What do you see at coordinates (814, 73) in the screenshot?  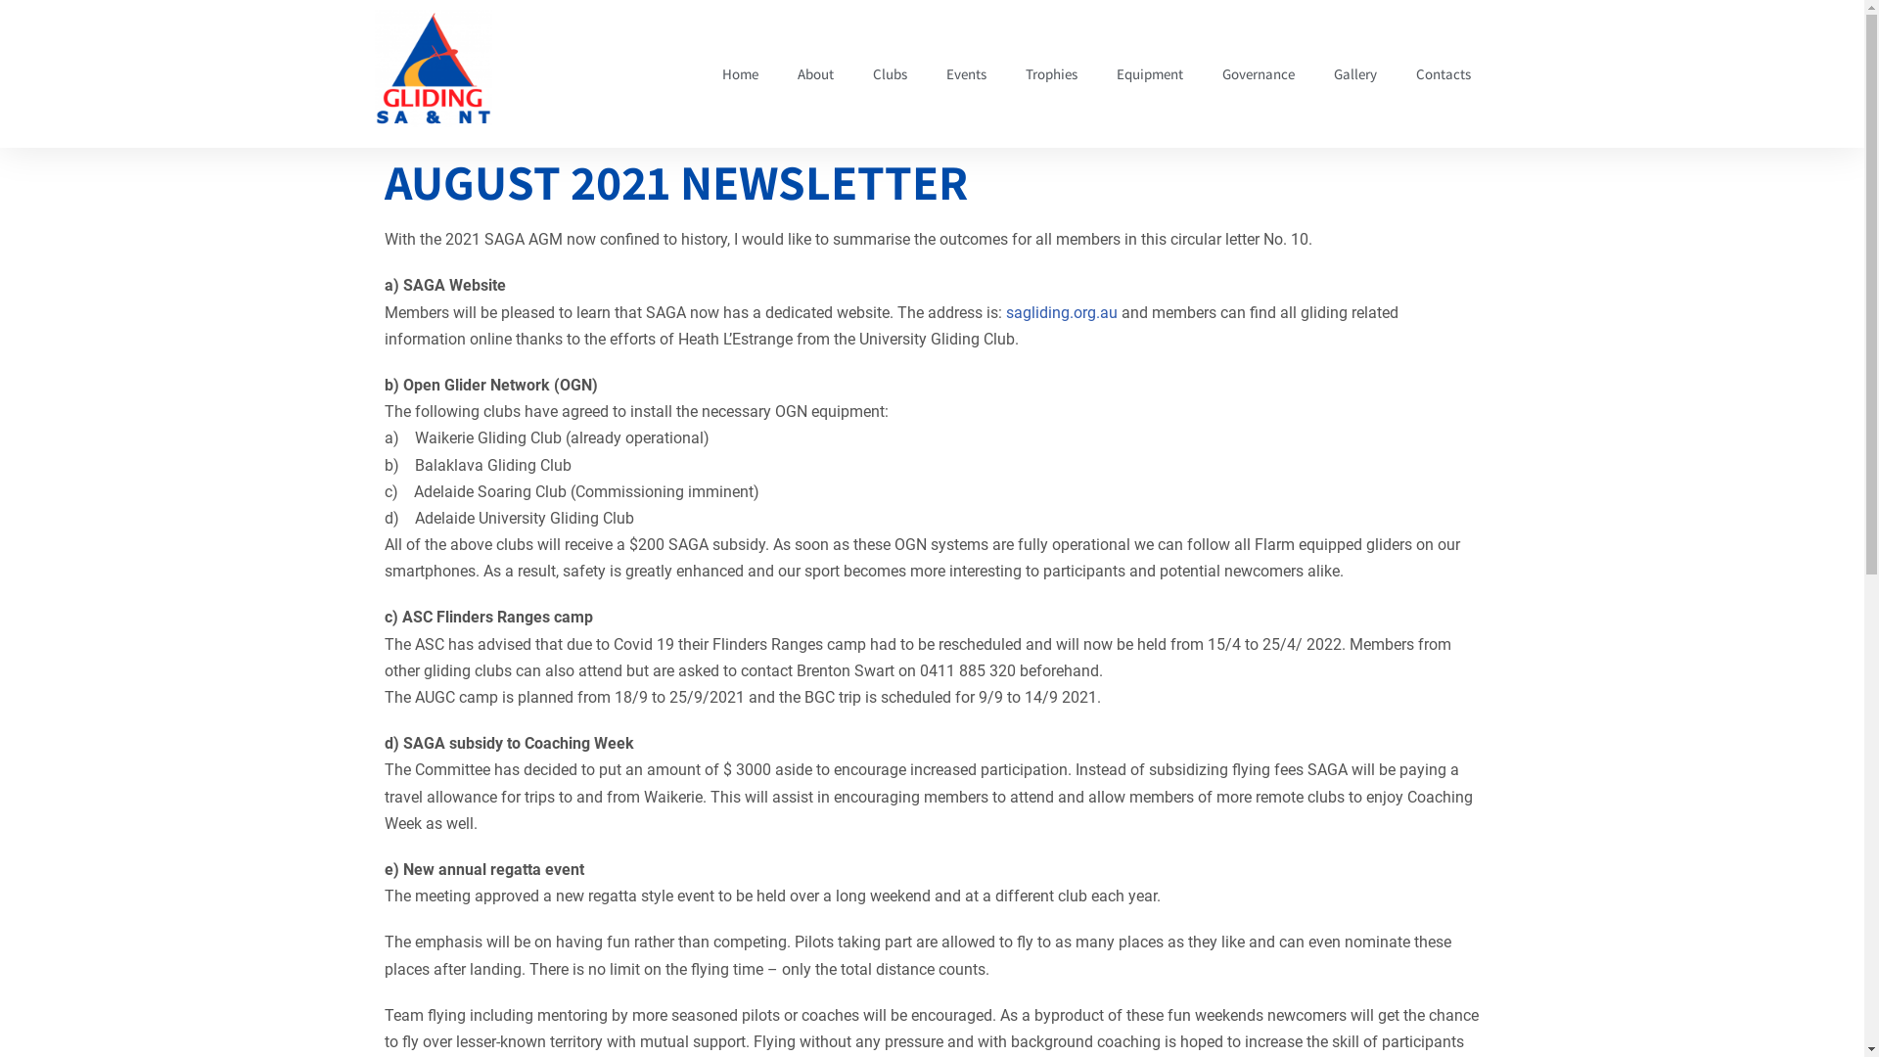 I see `'About'` at bounding box center [814, 73].